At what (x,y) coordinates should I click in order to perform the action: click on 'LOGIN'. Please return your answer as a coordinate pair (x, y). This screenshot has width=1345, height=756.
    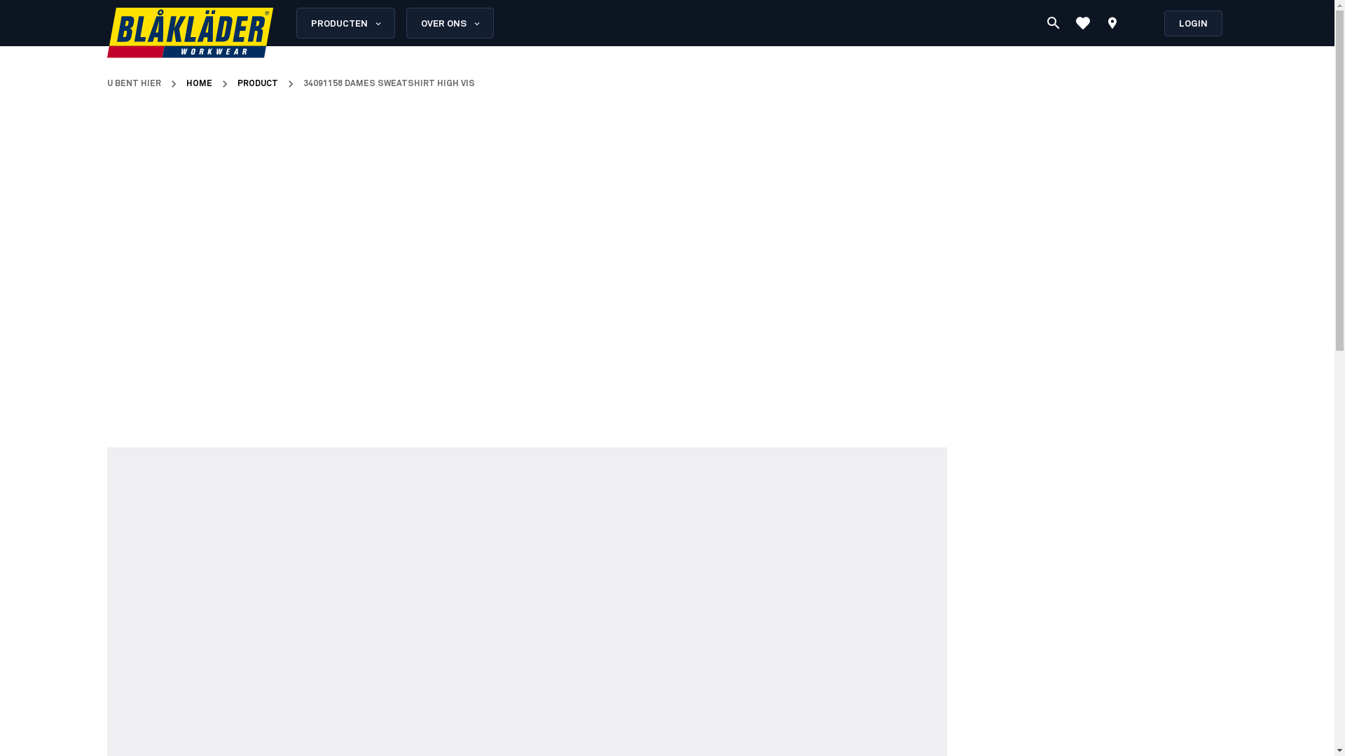
    Looking at the image, I should click on (1192, 22).